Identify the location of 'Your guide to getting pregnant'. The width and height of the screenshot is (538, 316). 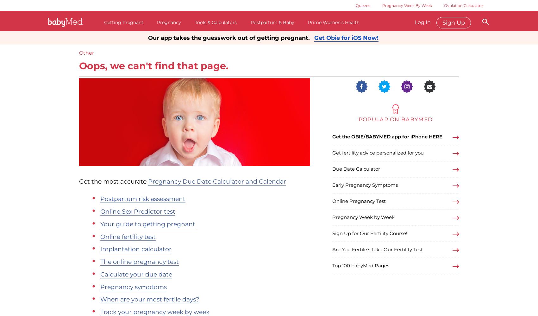
(100, 223).